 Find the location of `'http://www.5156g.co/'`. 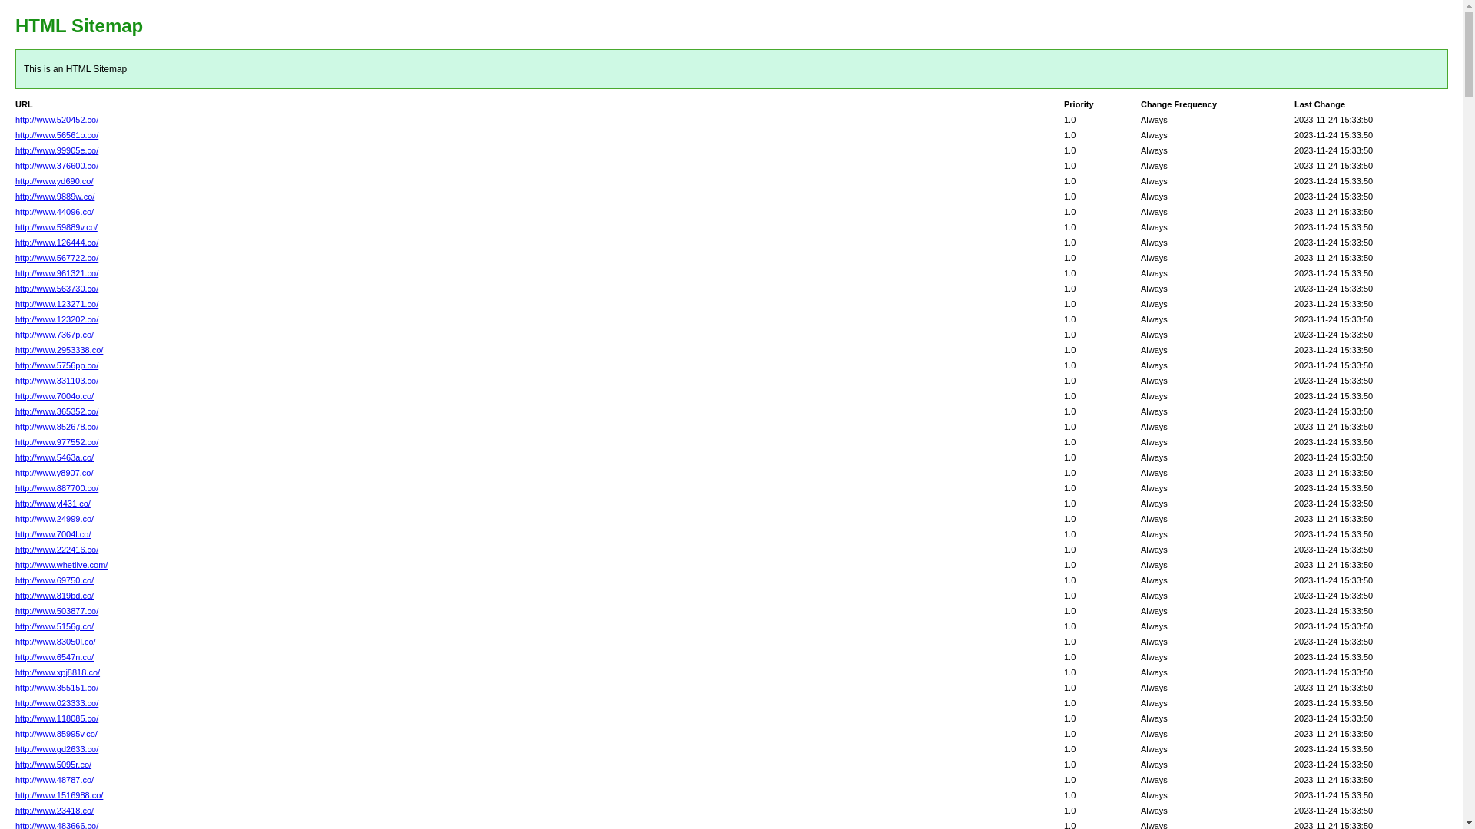

'http://www.5156g.co/' is located at coordinates (55, 626).